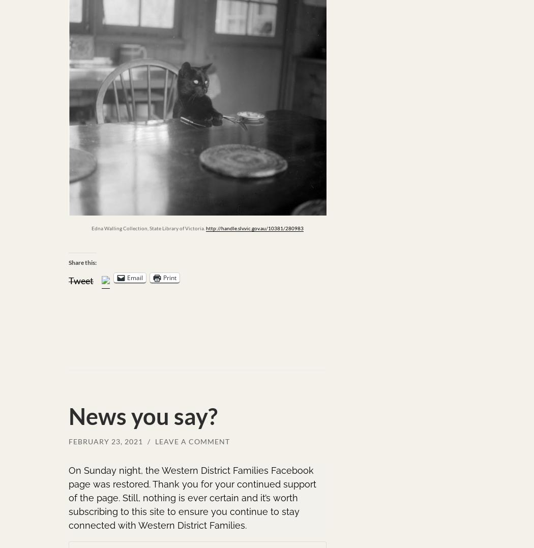  Describe the element at coordinates (134, 277) in the screenshot. I see `'Email'` at that location.